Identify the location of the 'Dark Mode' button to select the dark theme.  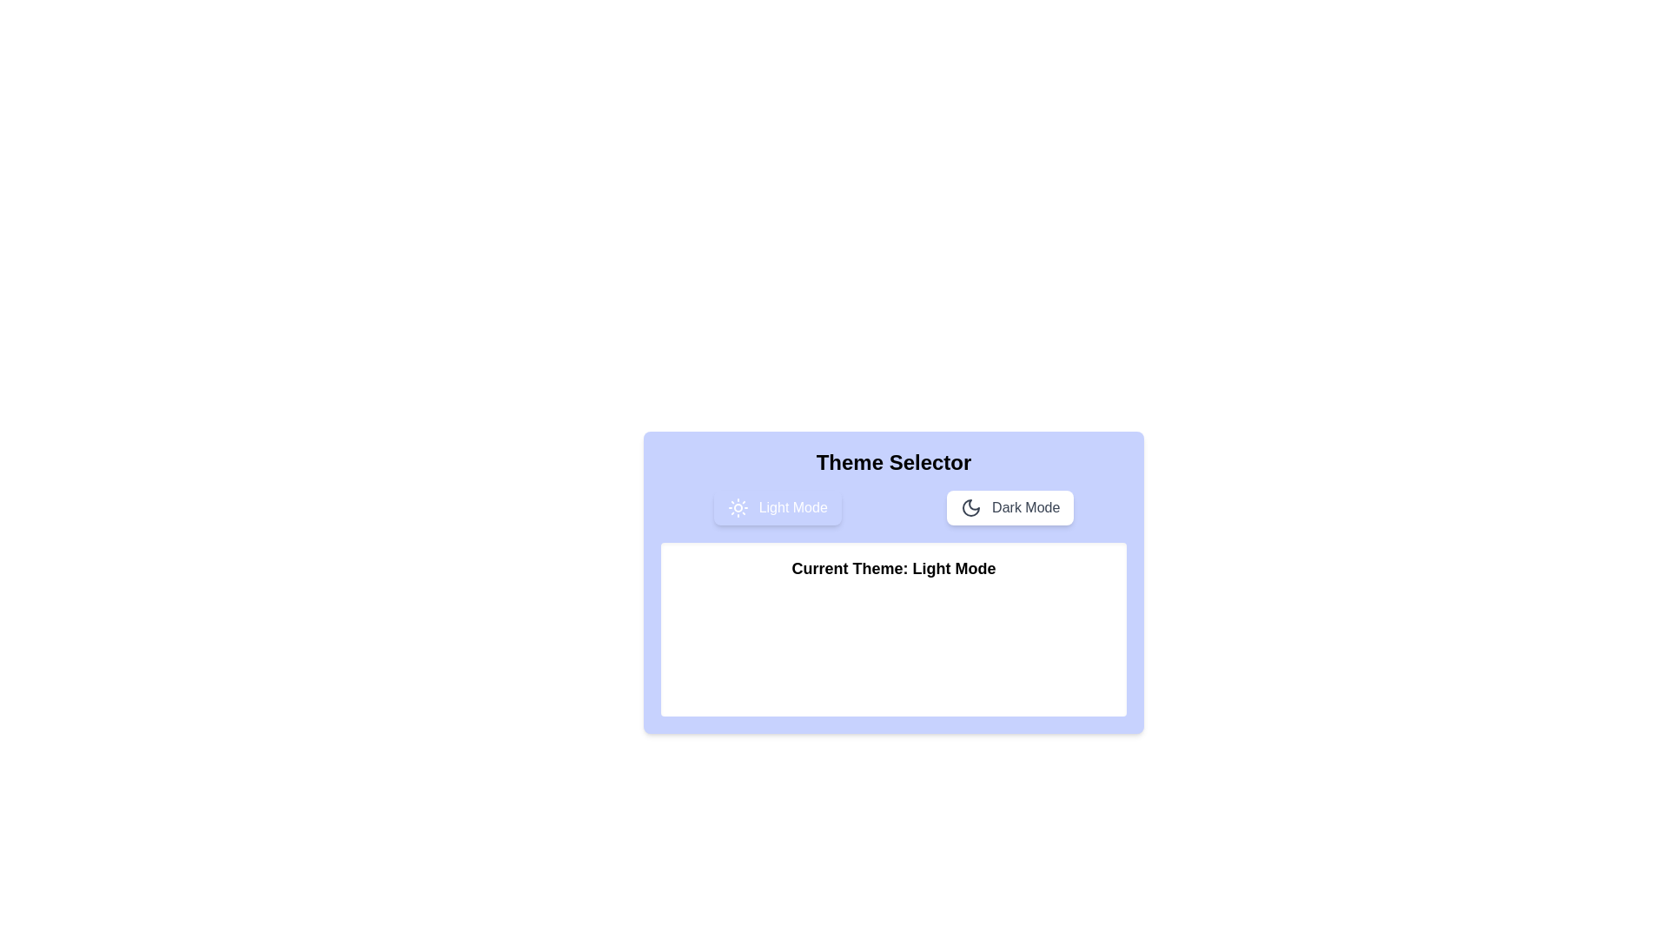
(1009, 508).